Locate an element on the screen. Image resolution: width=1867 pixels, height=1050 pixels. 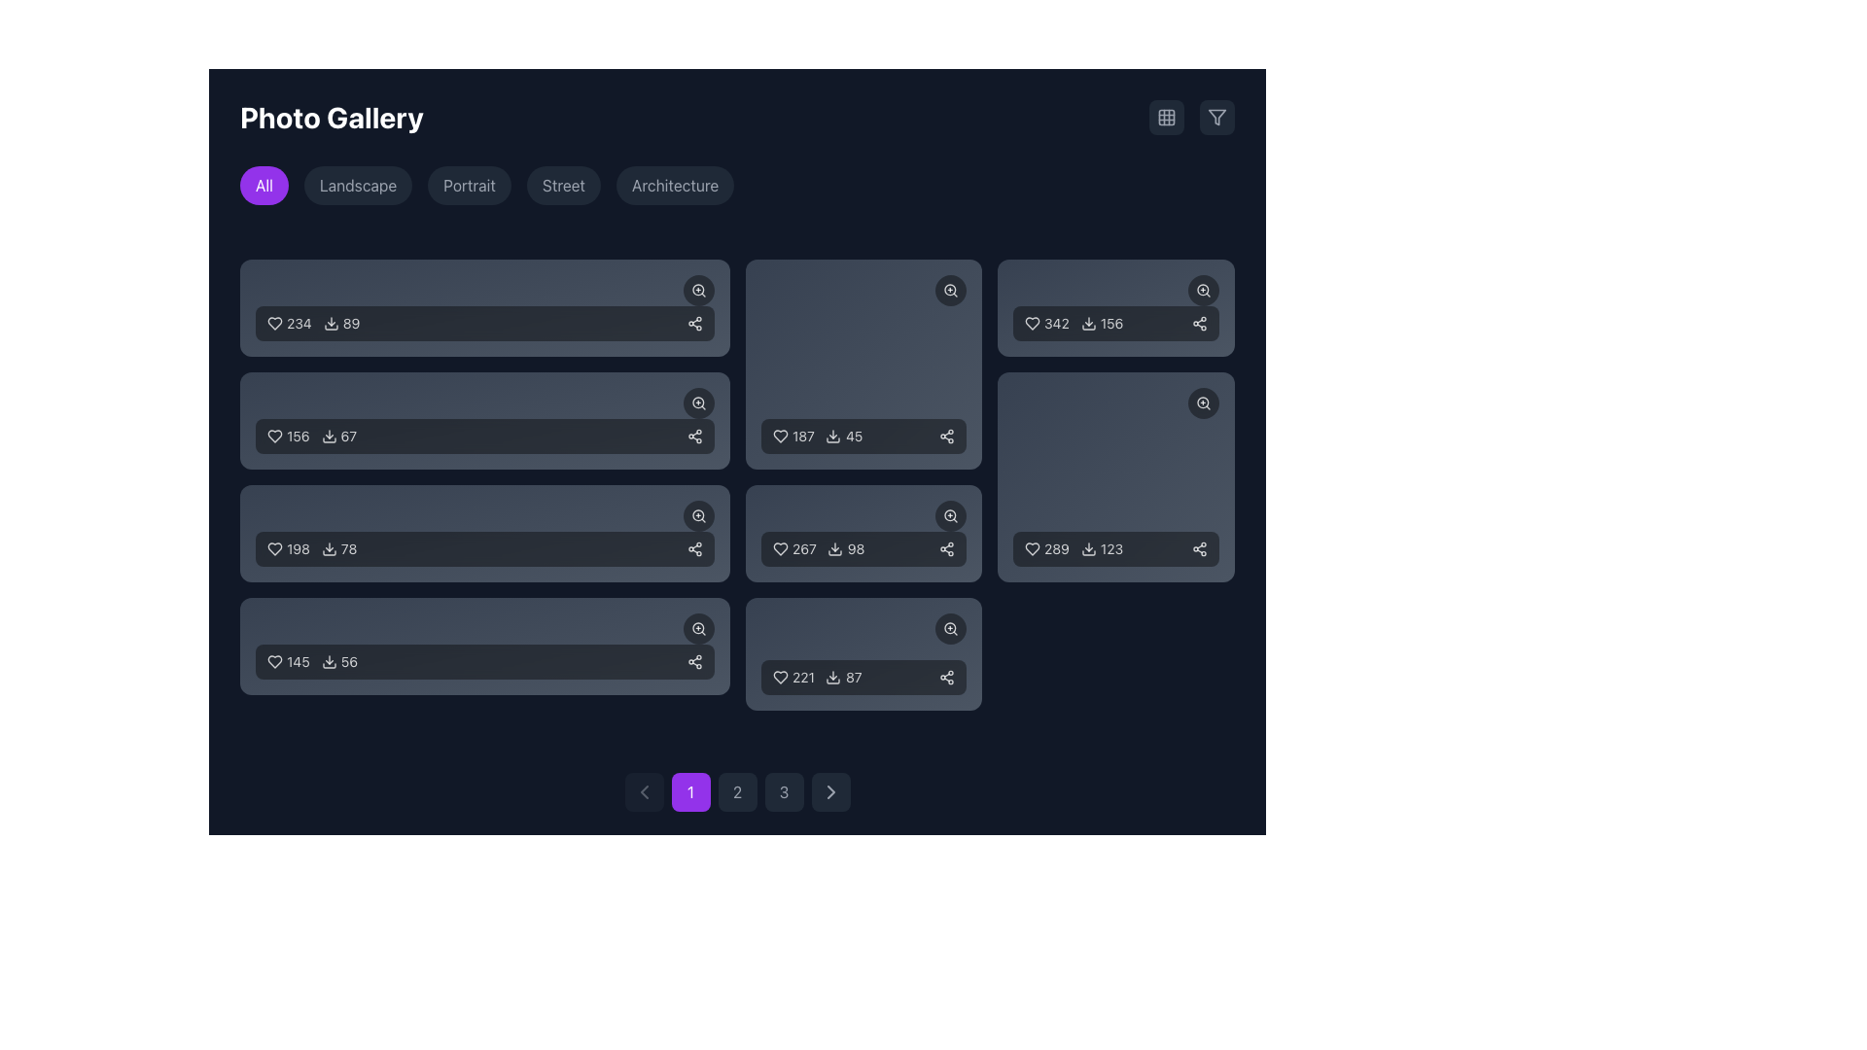
the zoom icon located in the top-right corner of the tile displaying '342 156' is located at coordinates (1203, 291).